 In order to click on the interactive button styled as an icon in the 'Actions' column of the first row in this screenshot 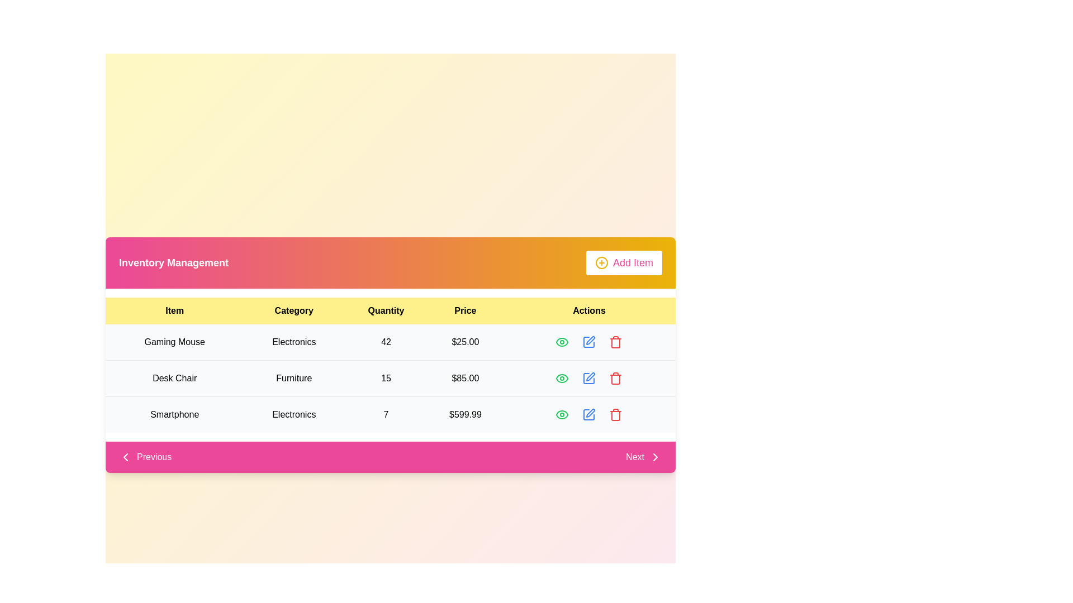, I will do `click(562, 342)`.